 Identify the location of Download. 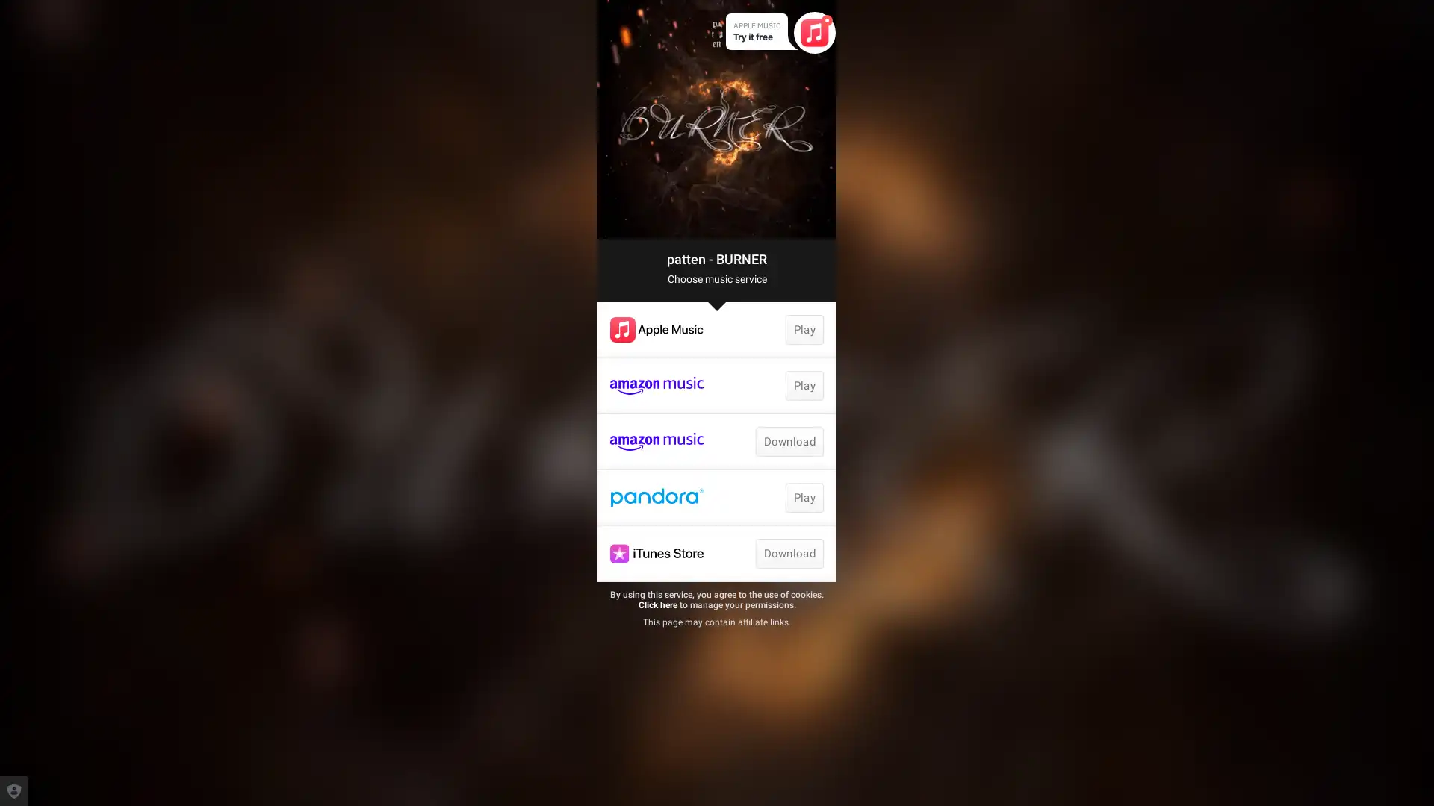
(788, 553).